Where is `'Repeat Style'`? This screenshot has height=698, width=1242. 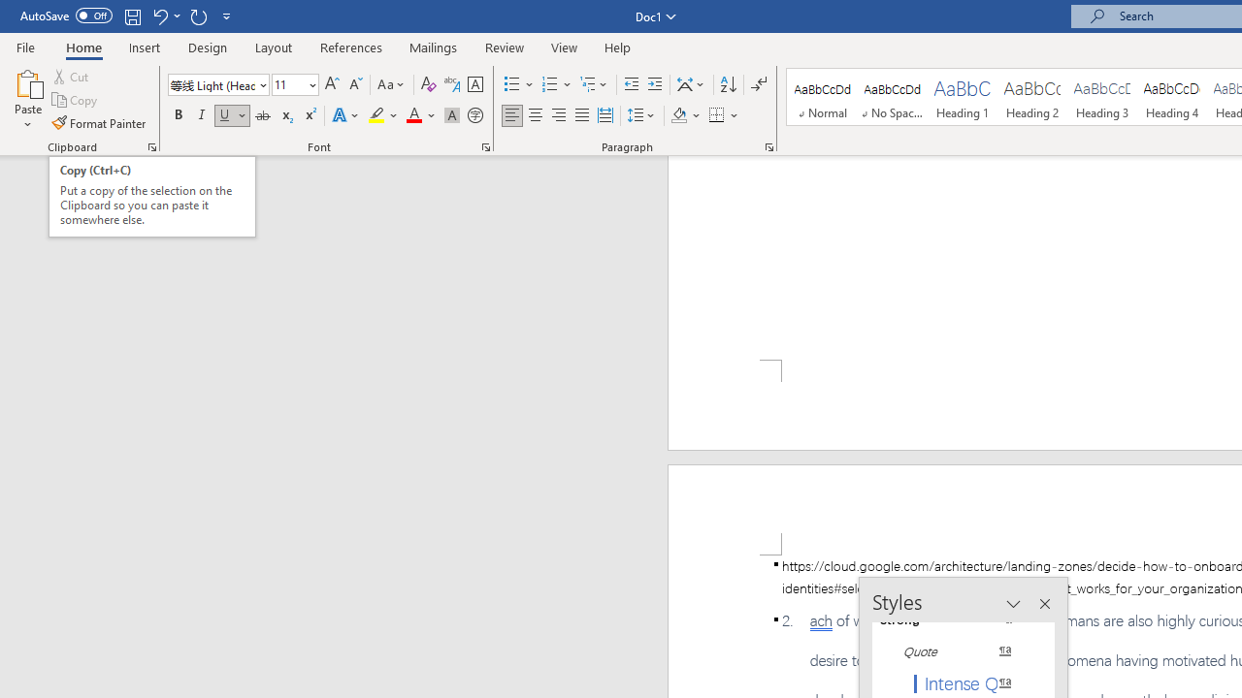
'Repeat Style' is located at coordinates (198, 16).